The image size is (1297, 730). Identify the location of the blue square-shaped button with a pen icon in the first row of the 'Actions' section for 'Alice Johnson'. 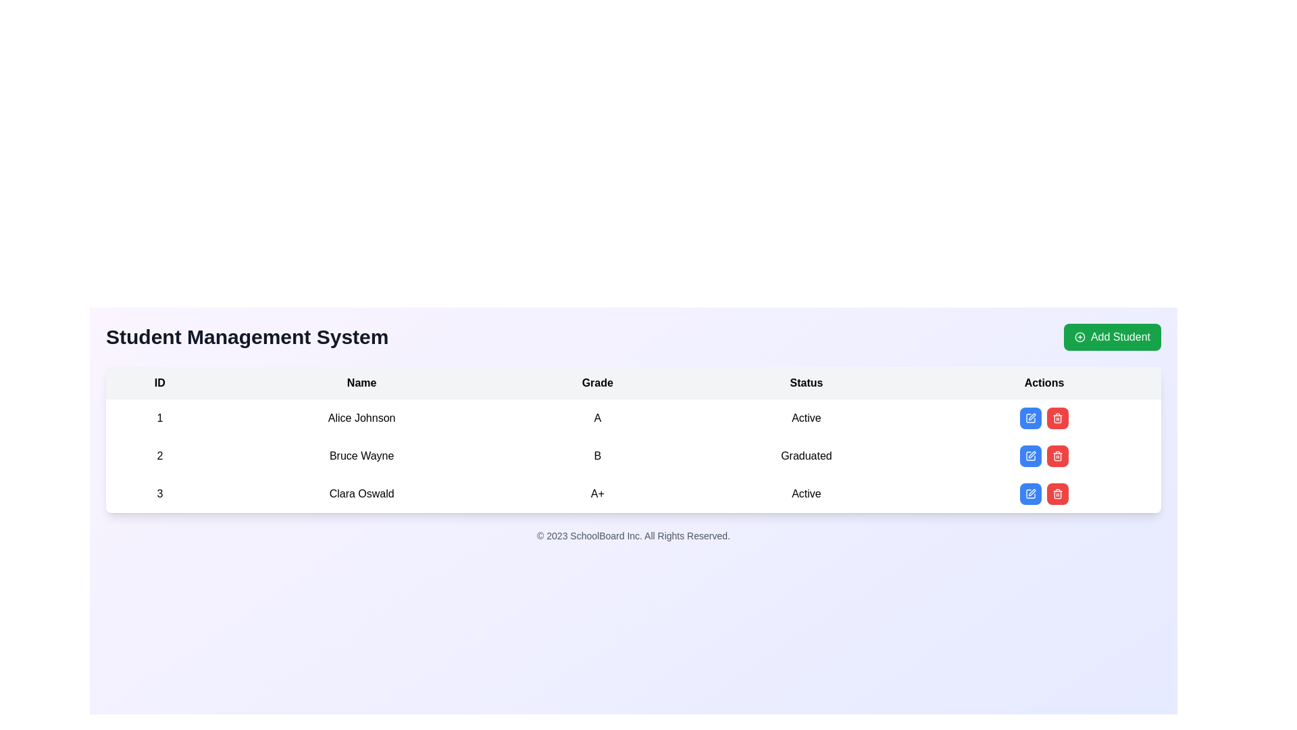
(1030, 417).